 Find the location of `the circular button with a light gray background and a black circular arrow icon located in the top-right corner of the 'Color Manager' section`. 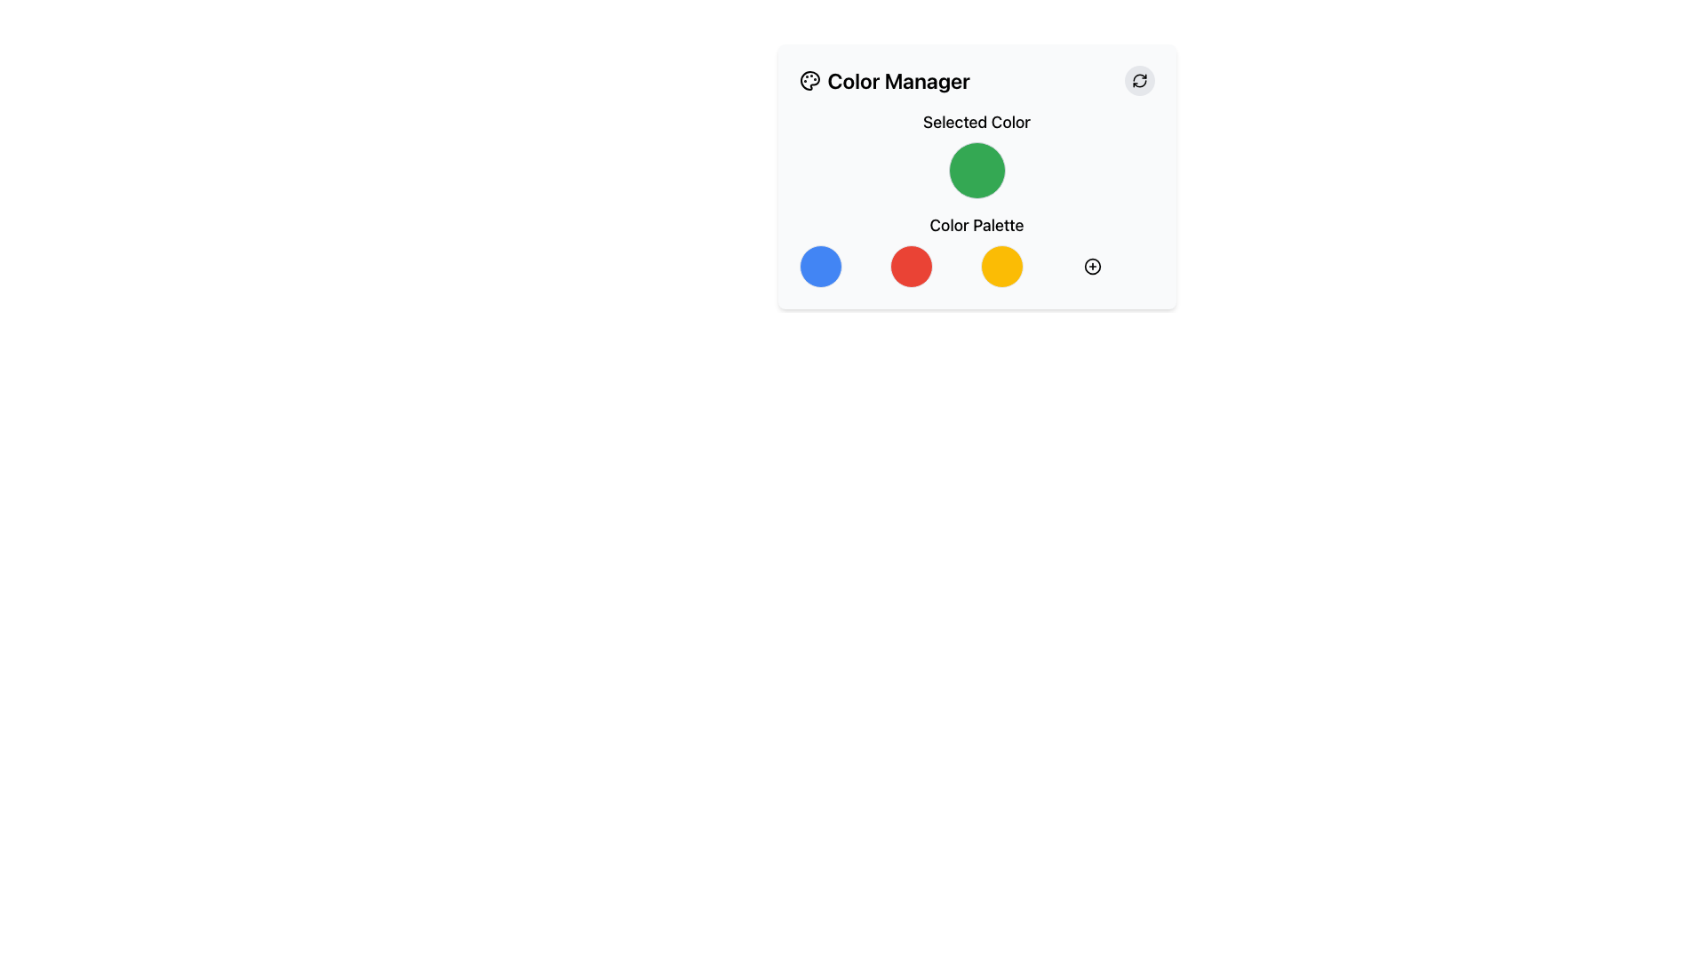

the circular button with a light gray background and a black circular arrow icon located in the top-right corner of the 'Color Manager' section is located at coordinates (1139, 81).